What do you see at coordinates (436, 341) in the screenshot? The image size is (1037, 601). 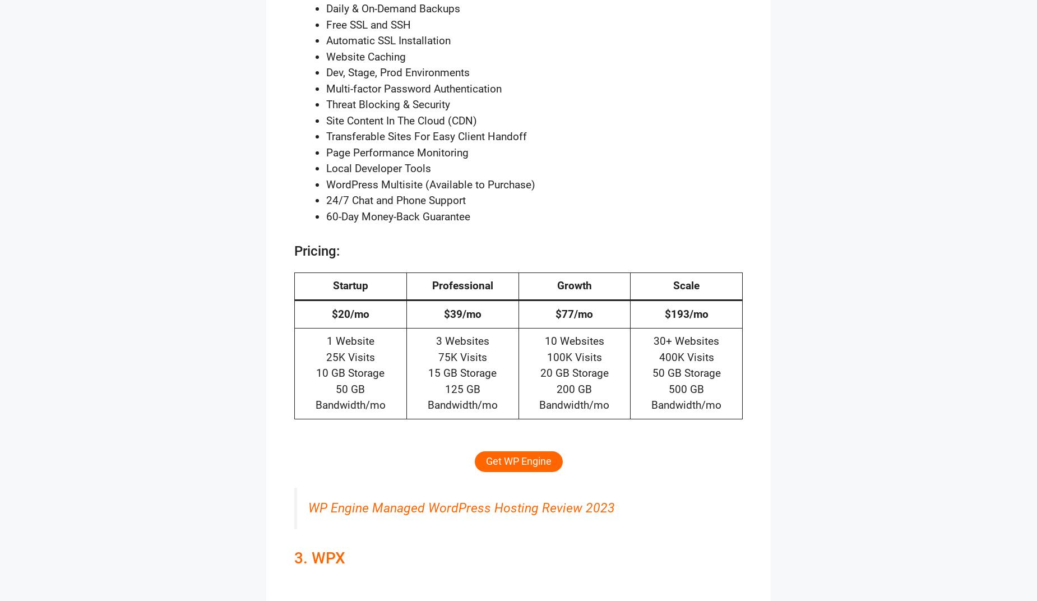 I see `'3 Websites'` at bounding box center [436, 341].